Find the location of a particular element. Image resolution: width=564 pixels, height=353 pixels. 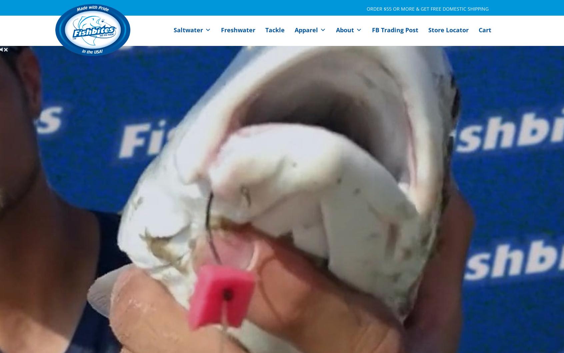

'Ambassadors' is located at coordinates (361, 62).